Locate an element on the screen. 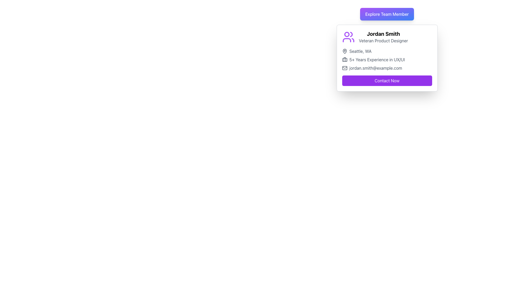 This screenshot has height=284, width=505. the button that triggers an action is located at coordinates (387, 14).